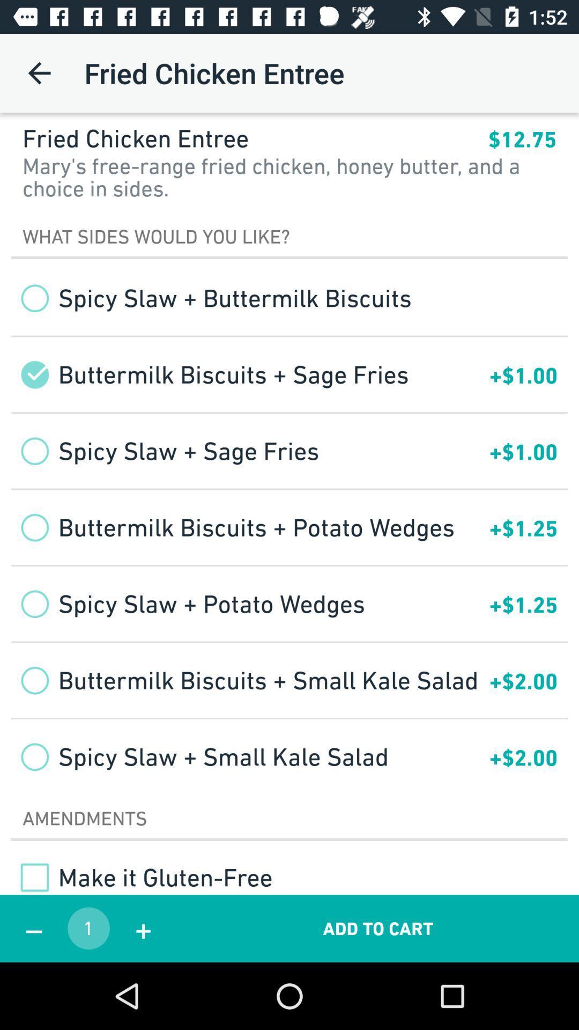  What do you see at coordinates (522, 139) in the screenshot?
I see `the icon next to the fried chicken entree item` at bounding box center [522, 139].